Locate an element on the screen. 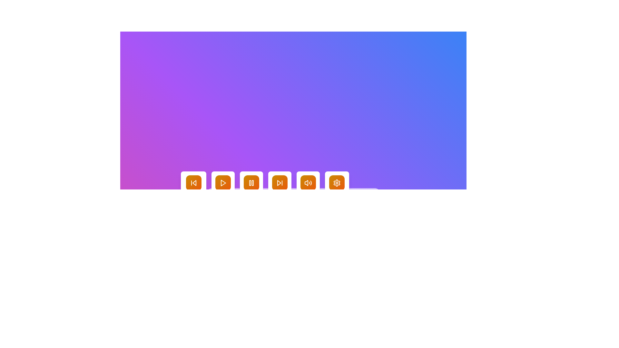 The height and width of the screenshot is (348, 619). the 'Skip Previous' button, which is the first button in a horizontal layout is located at coordinates (193, 188).